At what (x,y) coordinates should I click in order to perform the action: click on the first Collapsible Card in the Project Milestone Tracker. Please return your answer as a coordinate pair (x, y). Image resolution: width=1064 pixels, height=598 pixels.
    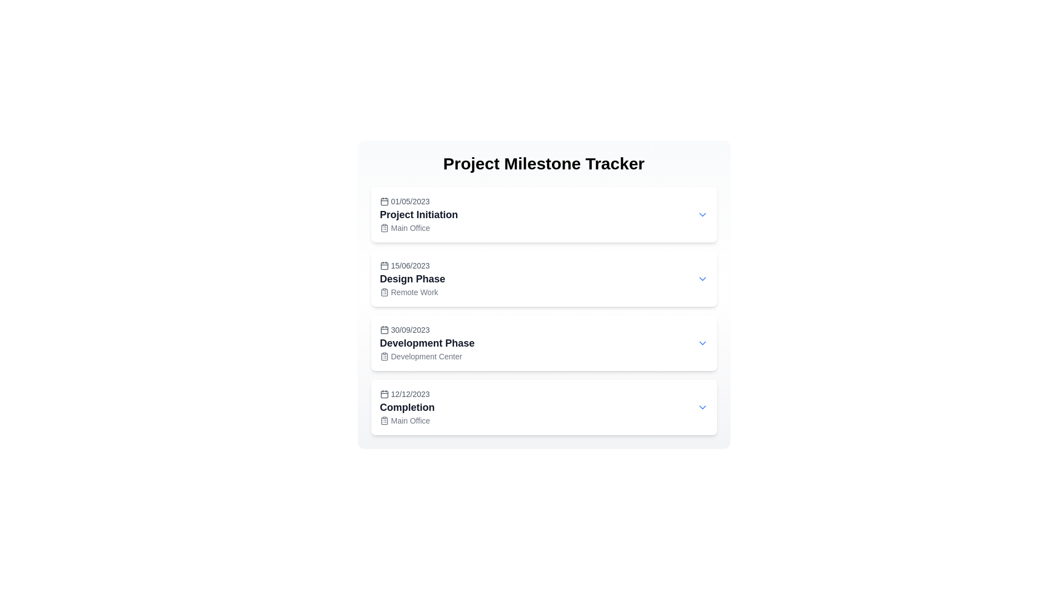
    Looking at the image, I should click on (544, 215).